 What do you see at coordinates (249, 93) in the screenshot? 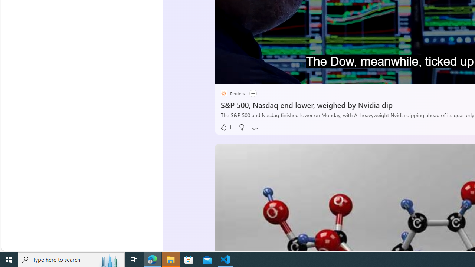
I see `'Follow'` at bounding box center [249, 93].